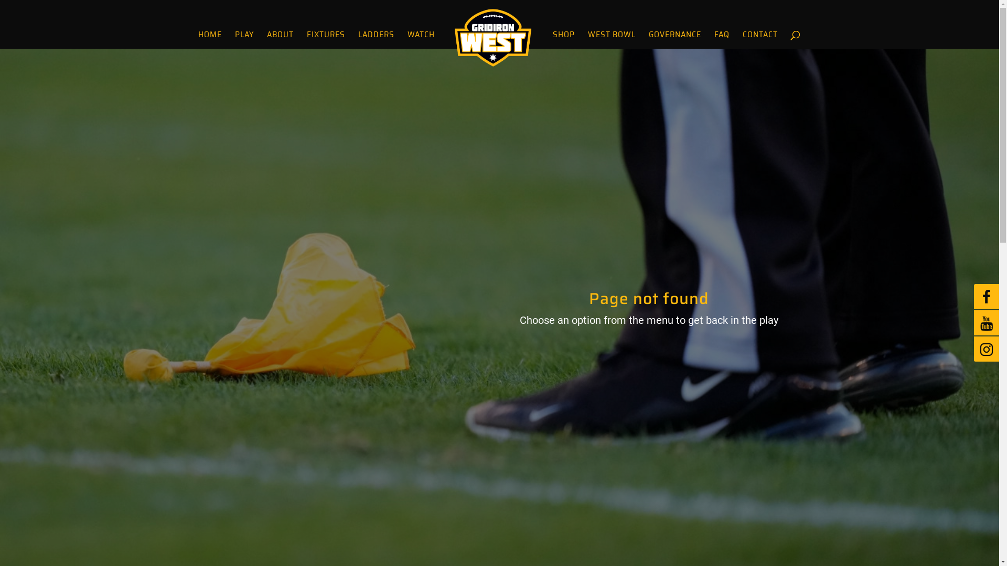 The image size is (1007, 566). Describe the element at coordinates (611, 39) in the screenshot. I see `'WEST BOWL'` at that location.